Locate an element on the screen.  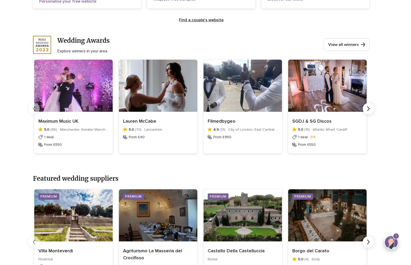
'Filmedbygeo' is located at coordinates (221, 121).